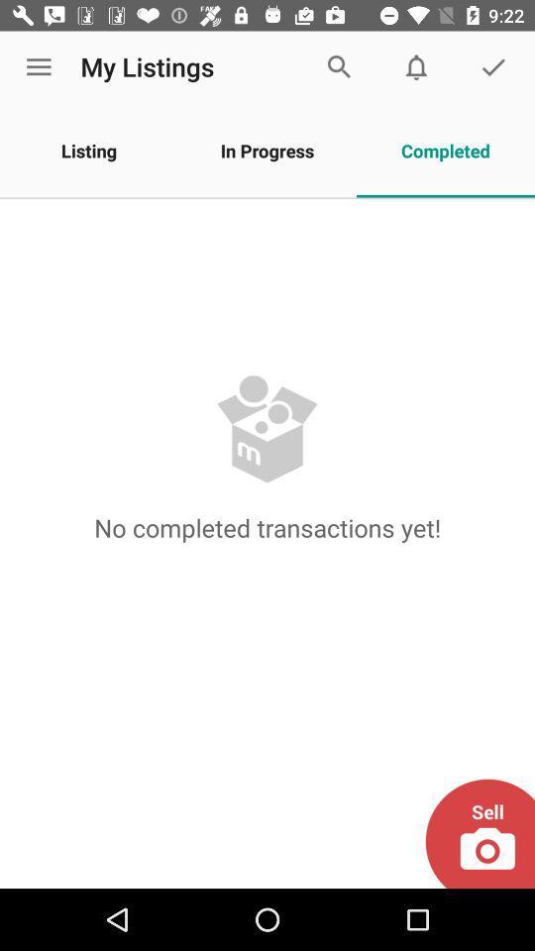 The width and height of the screenshot is (535, 951). What do you see at coordinates (39, 67) in the screenshot?
I see `the item next to the my listings icon` at bounding box center [39, 67].